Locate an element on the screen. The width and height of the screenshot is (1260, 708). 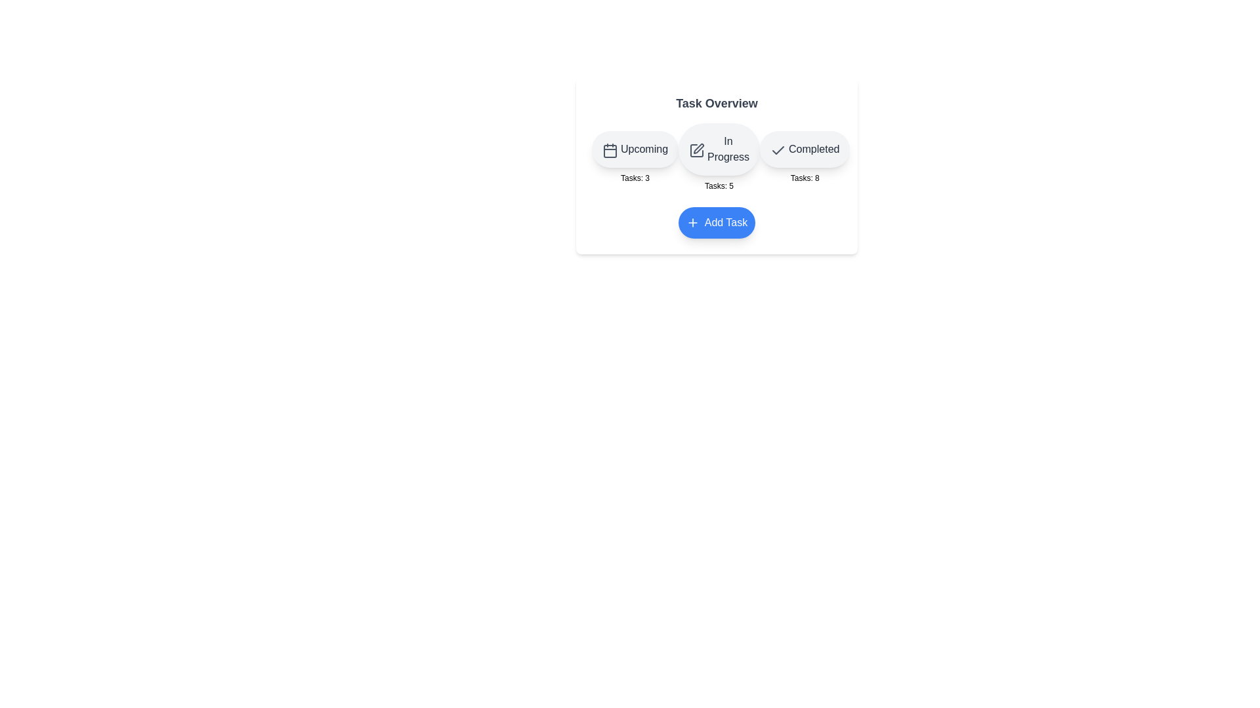
the Completed button to interact with the corresponding category is located at coordinates (803, 148).